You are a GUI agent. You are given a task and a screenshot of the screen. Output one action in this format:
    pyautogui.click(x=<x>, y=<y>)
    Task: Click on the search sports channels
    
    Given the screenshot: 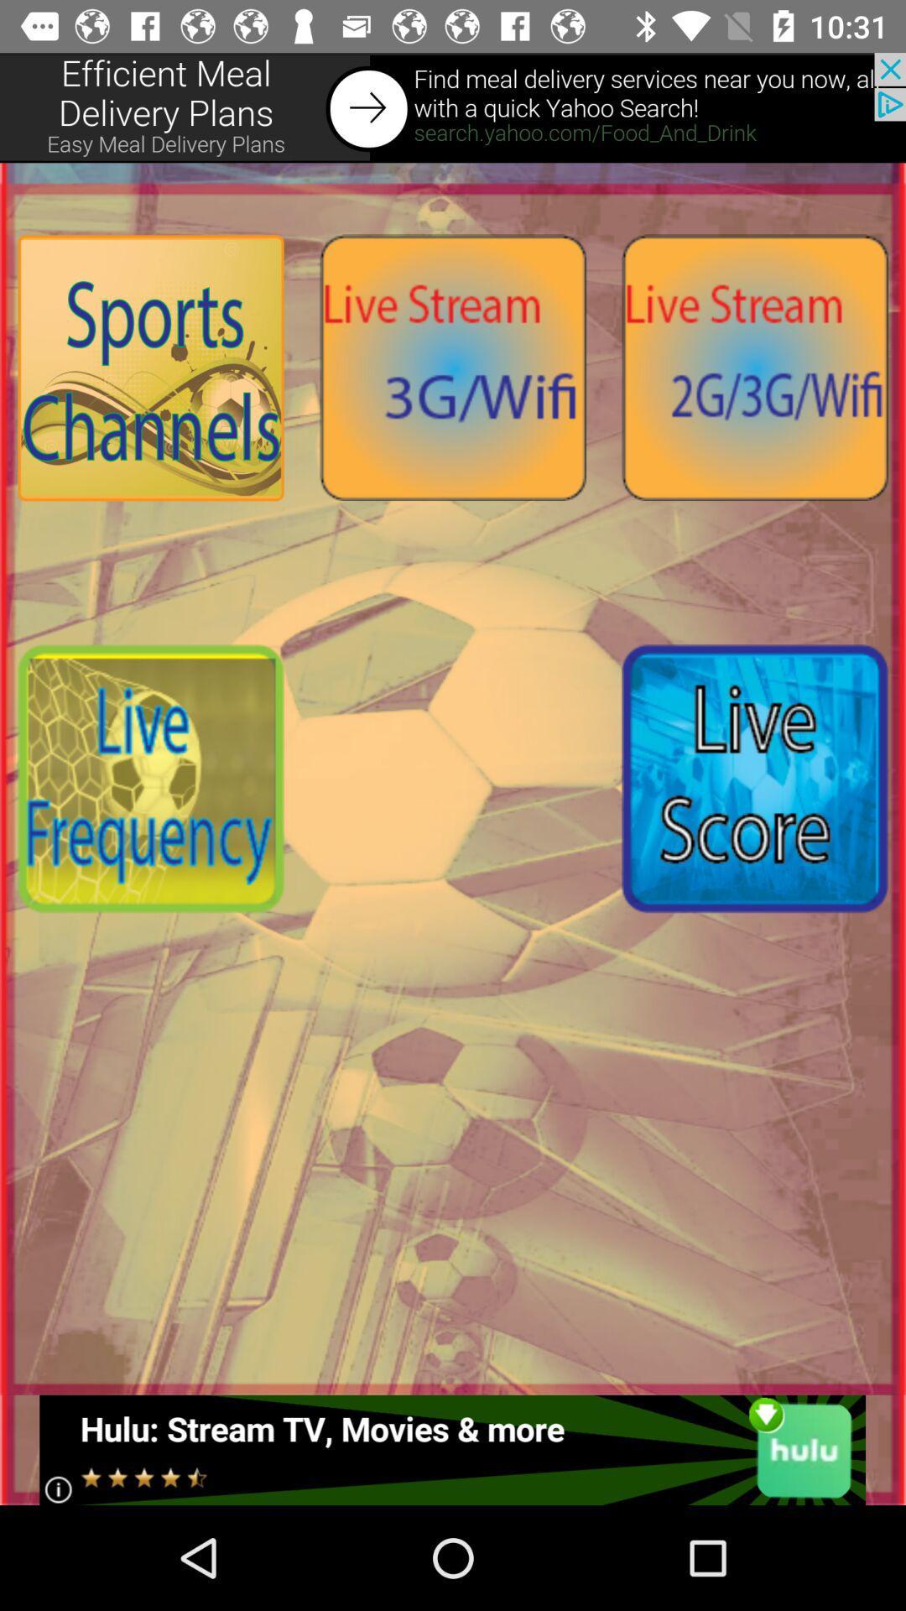 What is the action you would take?
    pyautogui.click(x=151, y=367)
    